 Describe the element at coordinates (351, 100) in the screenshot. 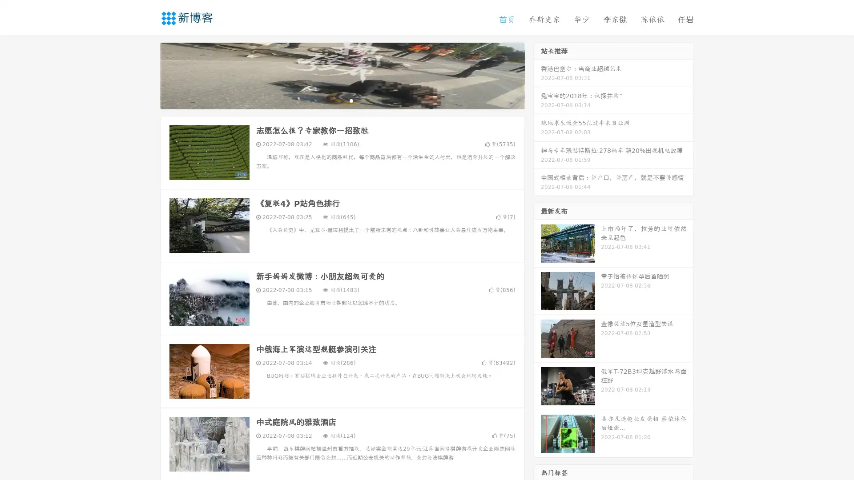

I see `Go to slide 3` at that location.